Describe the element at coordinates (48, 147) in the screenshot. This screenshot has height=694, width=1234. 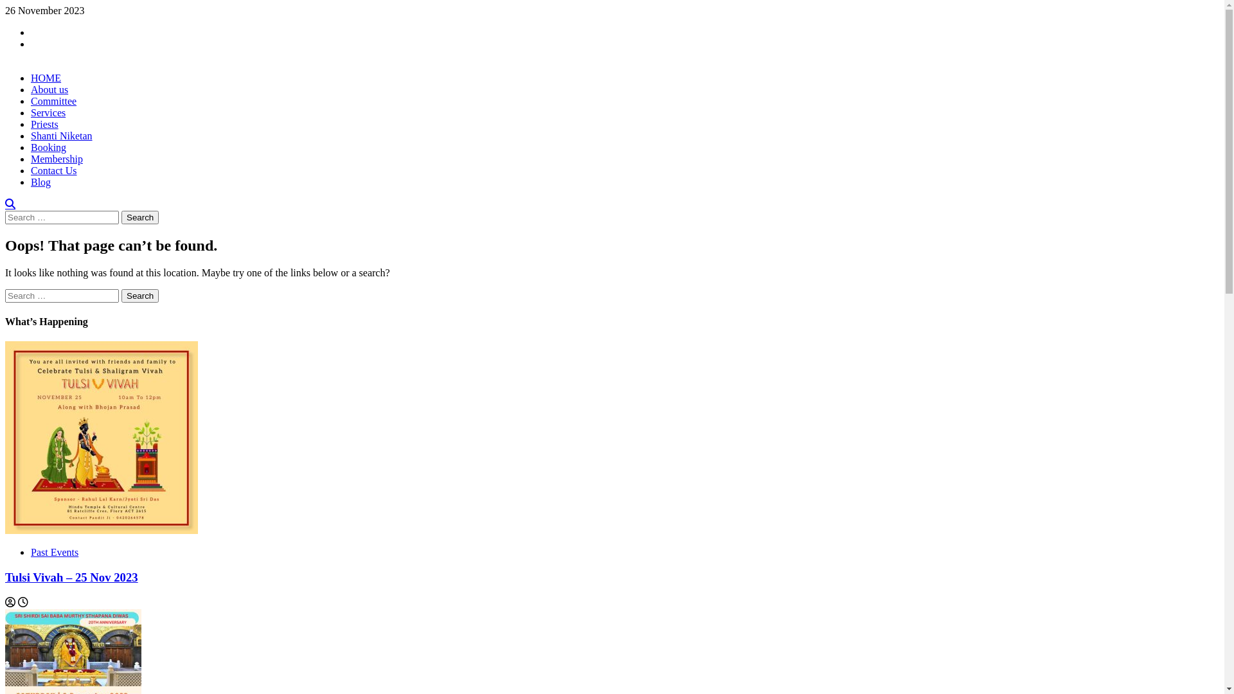
I see `'Booking'` at that location.